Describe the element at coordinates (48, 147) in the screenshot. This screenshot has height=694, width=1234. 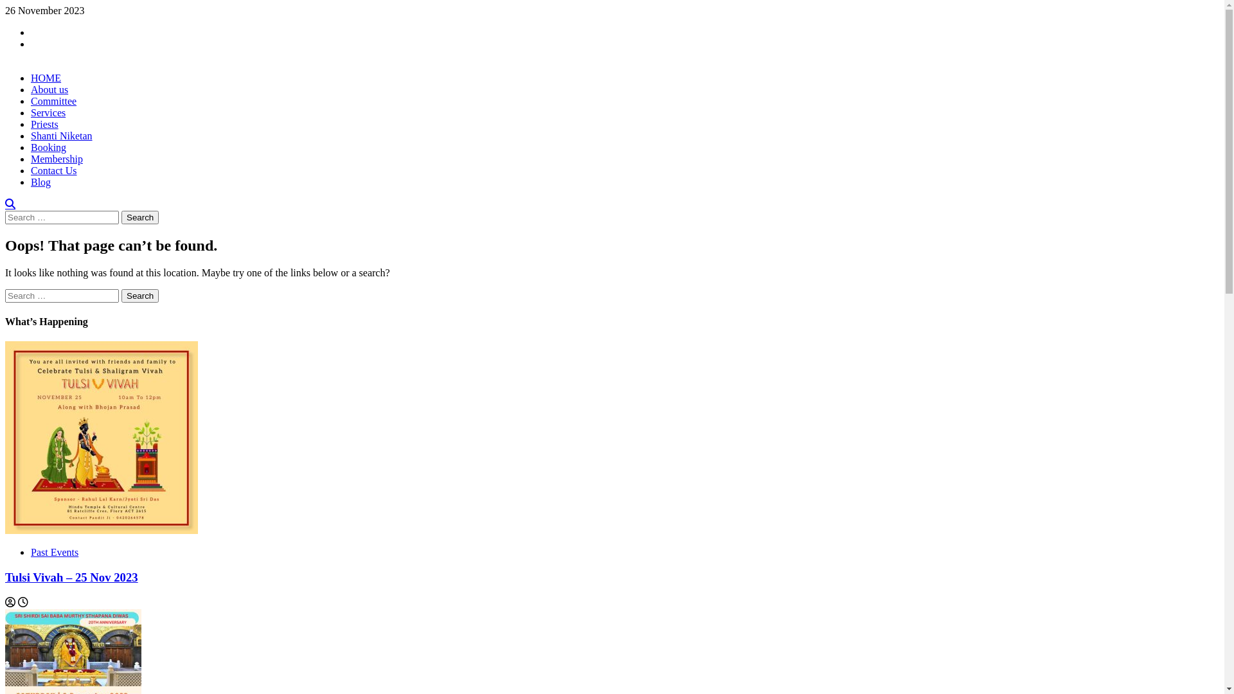
I see `'Booking'` at that location.